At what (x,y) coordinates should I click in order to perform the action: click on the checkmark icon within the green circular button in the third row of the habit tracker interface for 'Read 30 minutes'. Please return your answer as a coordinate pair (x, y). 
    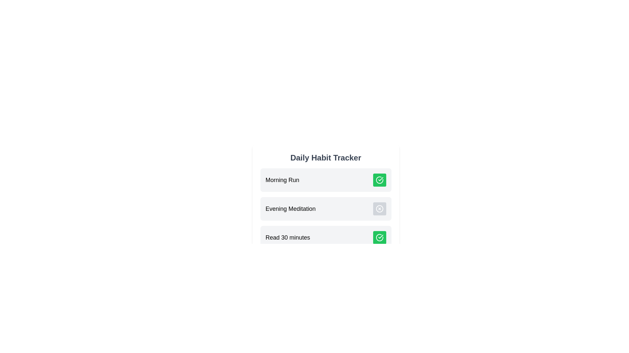
    Looking at the image, I should click on (380, 237).